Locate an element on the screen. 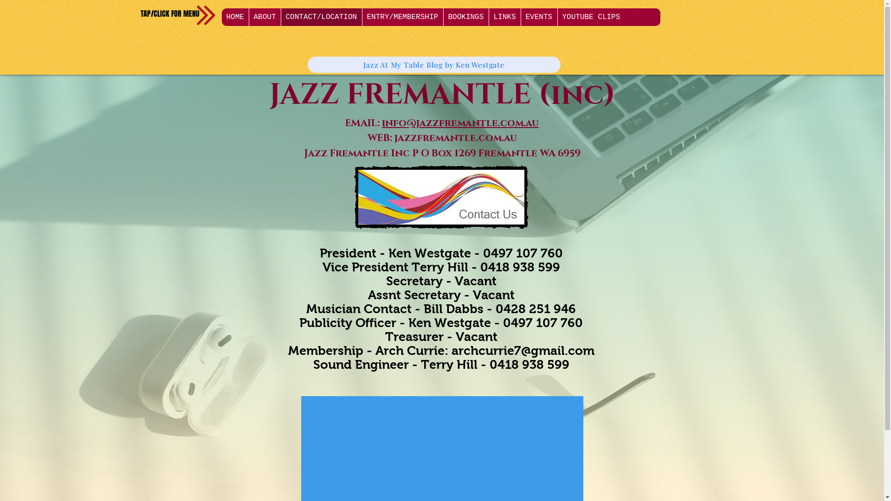  'archcurrie7@gmail.com' is located at coordinates (523, 351).